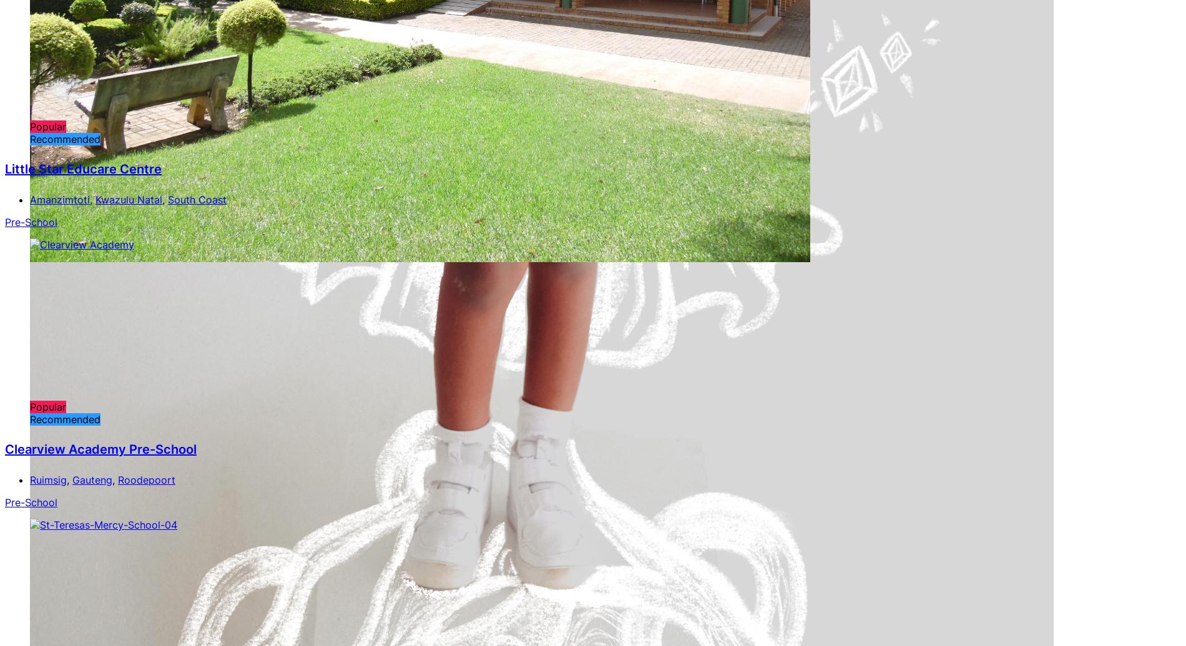 This screenshot has width=1186, height=646. What do you see at coordinates (100, 449) in the screenshot?
I see `'Clearview Academy Pre-School'` at bounding box center [100, 449].